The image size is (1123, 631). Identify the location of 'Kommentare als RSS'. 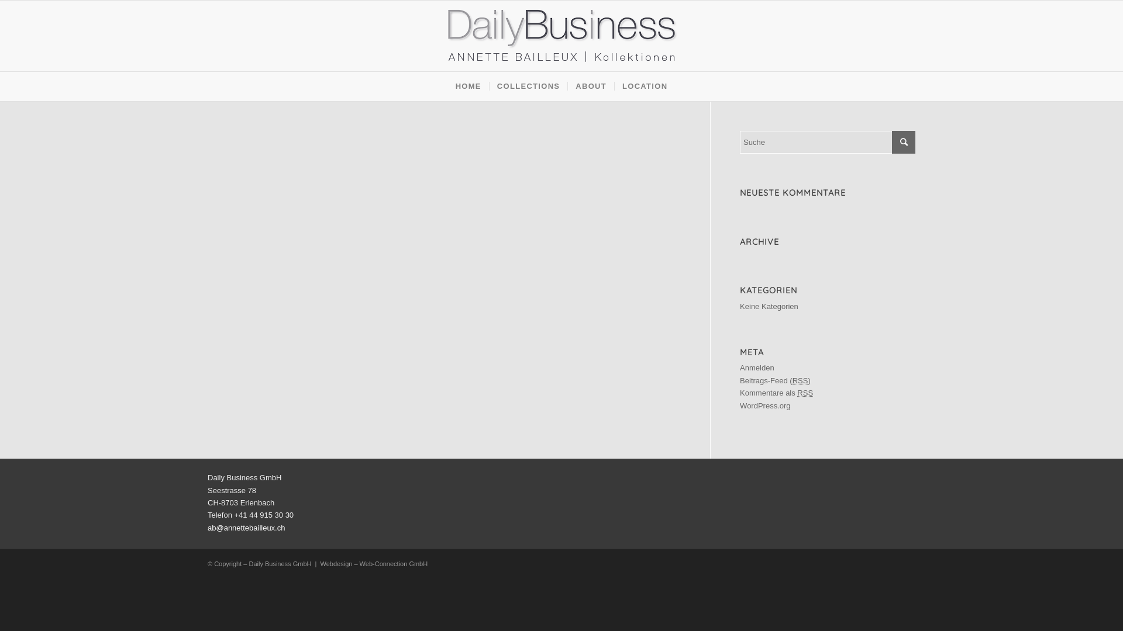
(776, 393).